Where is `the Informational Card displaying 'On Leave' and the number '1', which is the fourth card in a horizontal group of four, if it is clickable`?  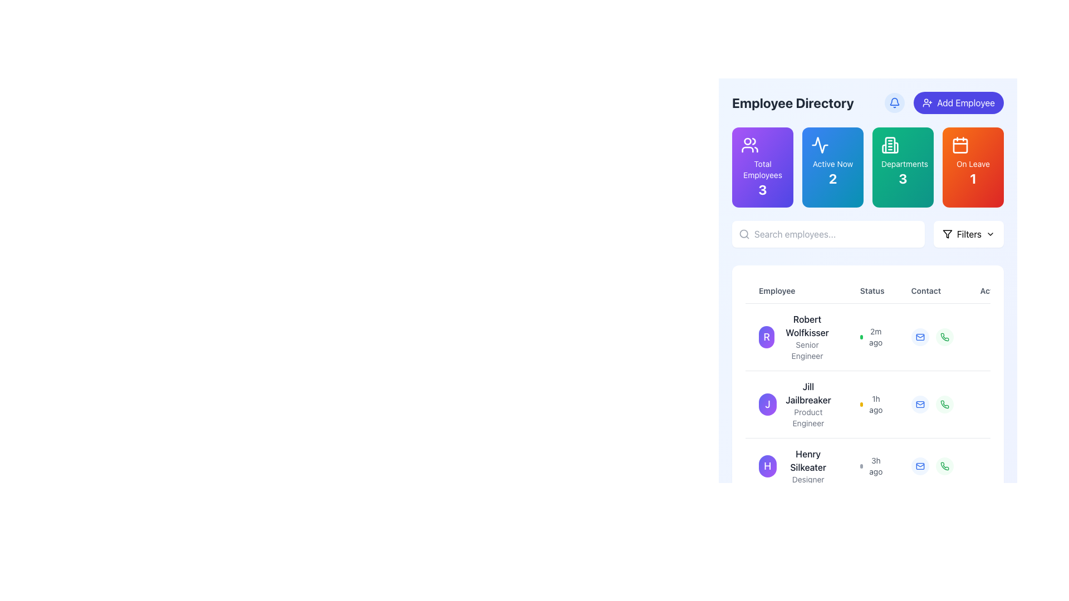
the Informational Card displaying 'On Leave' and the number '1', which is the fourth card in a horizontal group of four, if it is clickable is located at coordinates (972, 167).